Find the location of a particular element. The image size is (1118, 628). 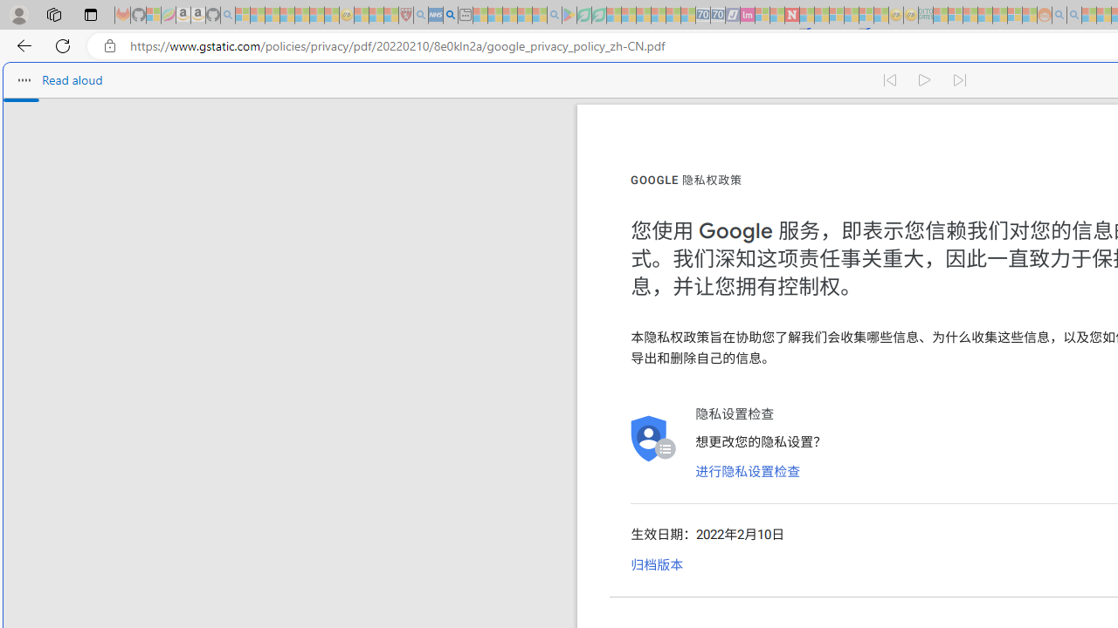

'Tab actions menu' is located at coordinates (90, 14).